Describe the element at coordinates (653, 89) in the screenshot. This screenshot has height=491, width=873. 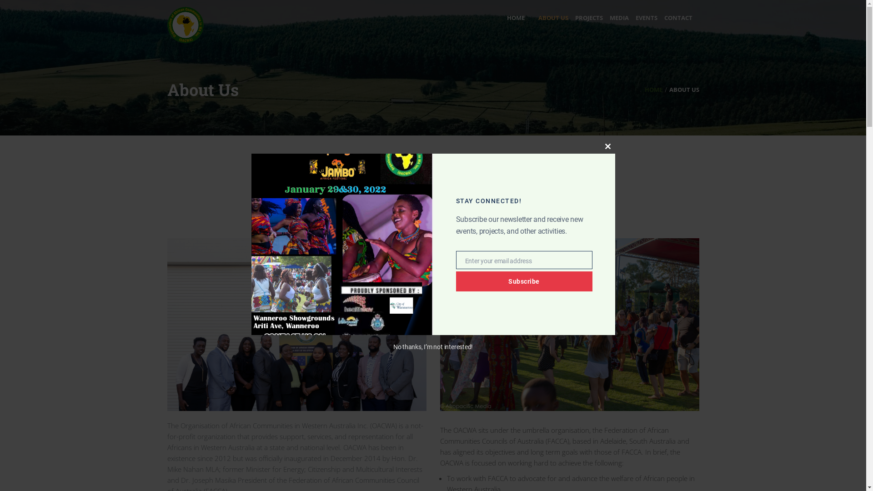
I see `'HOME'` at that location.